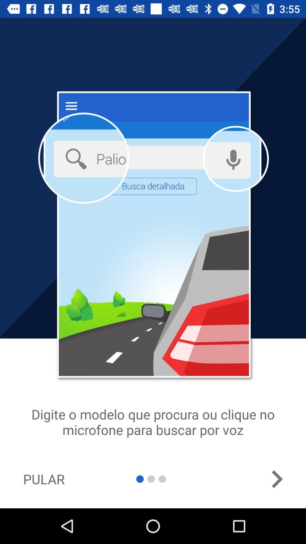 The height and width of the screenshot is (544, 306). What do you see at coordinates (277, 479) in the screenshot?
I see `next screen` at bounding box center [277, 479].